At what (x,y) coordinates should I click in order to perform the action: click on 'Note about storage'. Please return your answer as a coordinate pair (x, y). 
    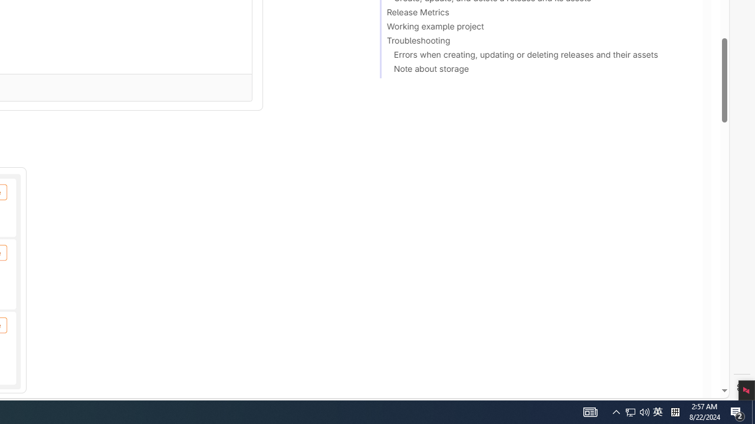
    Looking at the image, I should click on (535, 71).